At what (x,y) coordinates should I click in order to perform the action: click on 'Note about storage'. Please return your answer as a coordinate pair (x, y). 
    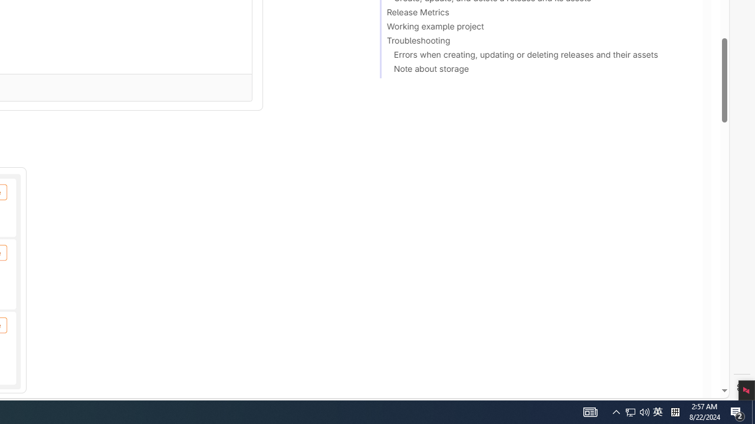
    Looking at the image, I should click on (535, 71).